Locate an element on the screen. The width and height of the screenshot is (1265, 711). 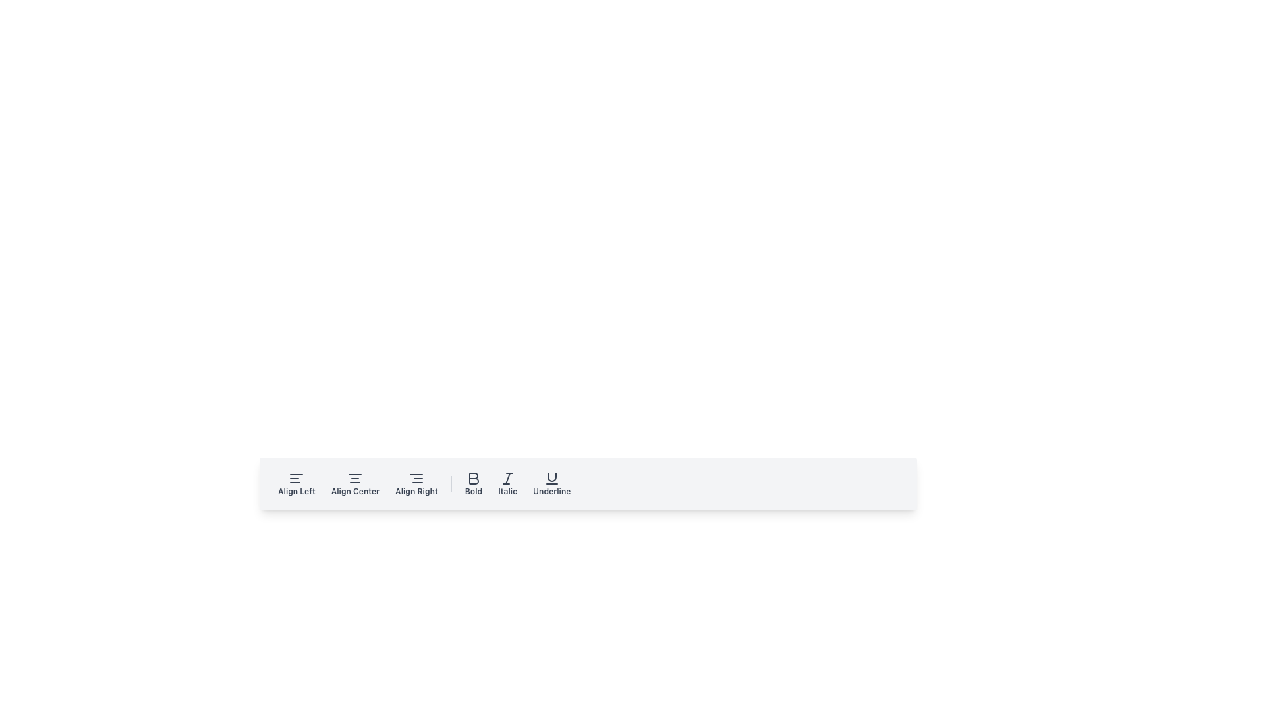
the underline icon on the toolbar to apply underline formatting is located at coordinates (551, 478).